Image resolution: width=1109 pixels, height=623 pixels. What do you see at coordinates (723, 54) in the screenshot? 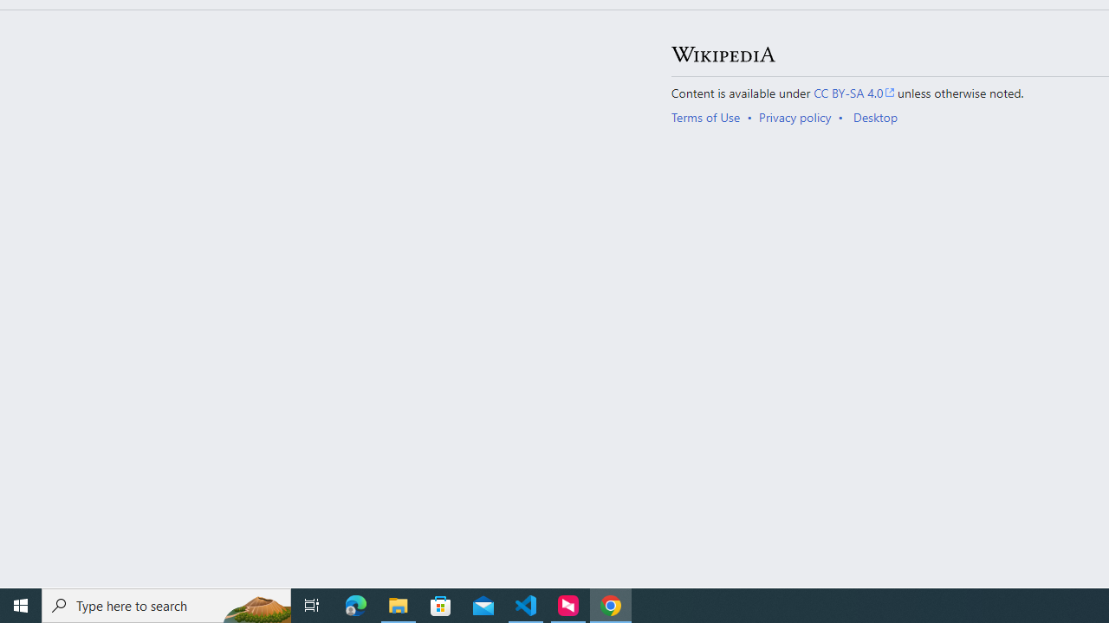
I see `'Wikipedia'` at bounding box center [723, 54].